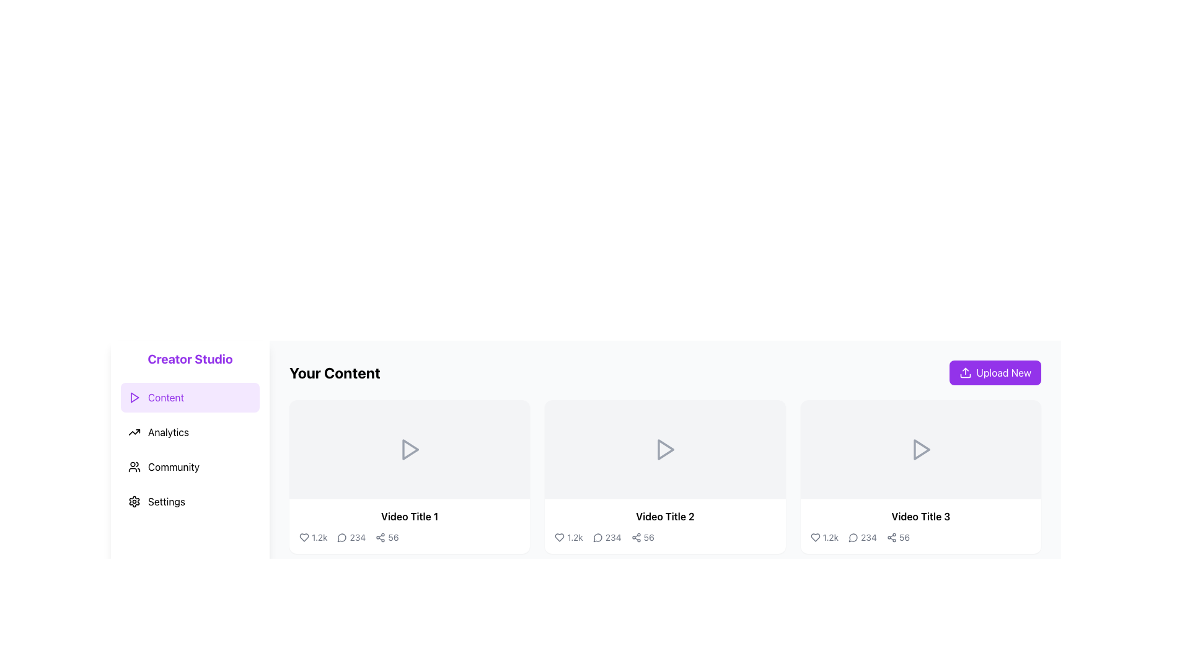  What do you see at coordinates (815, 536) in the screenshot?
I see `the heart-shaped icon indicating a favorite or like action` at bounding box center [815, 536].